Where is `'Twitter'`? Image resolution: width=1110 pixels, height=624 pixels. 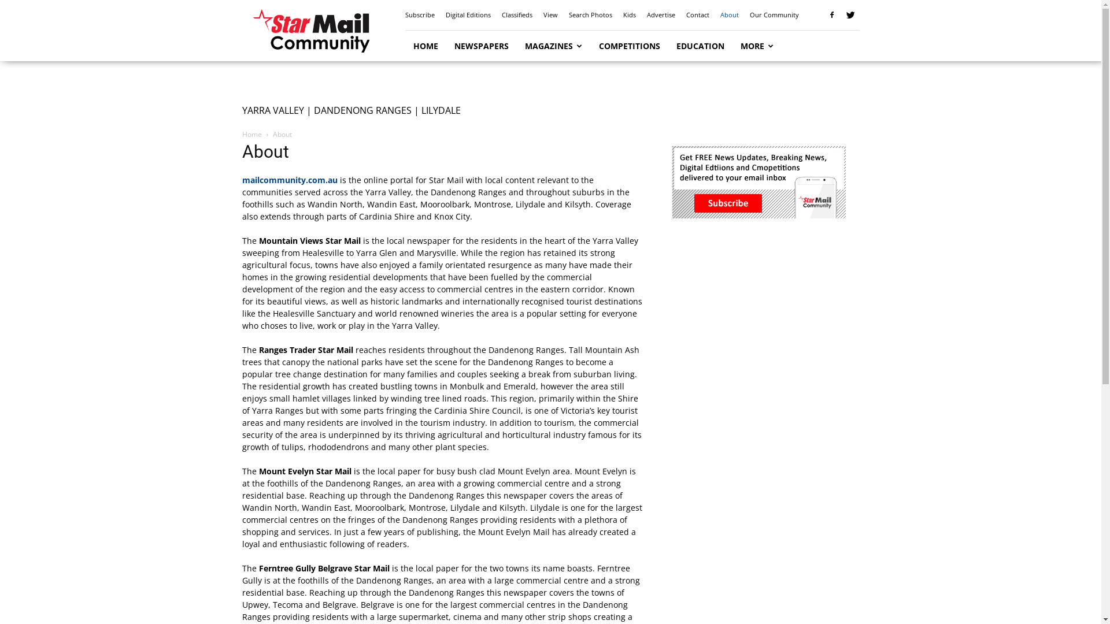 'Twitter' is located at coordinates (850, 15).